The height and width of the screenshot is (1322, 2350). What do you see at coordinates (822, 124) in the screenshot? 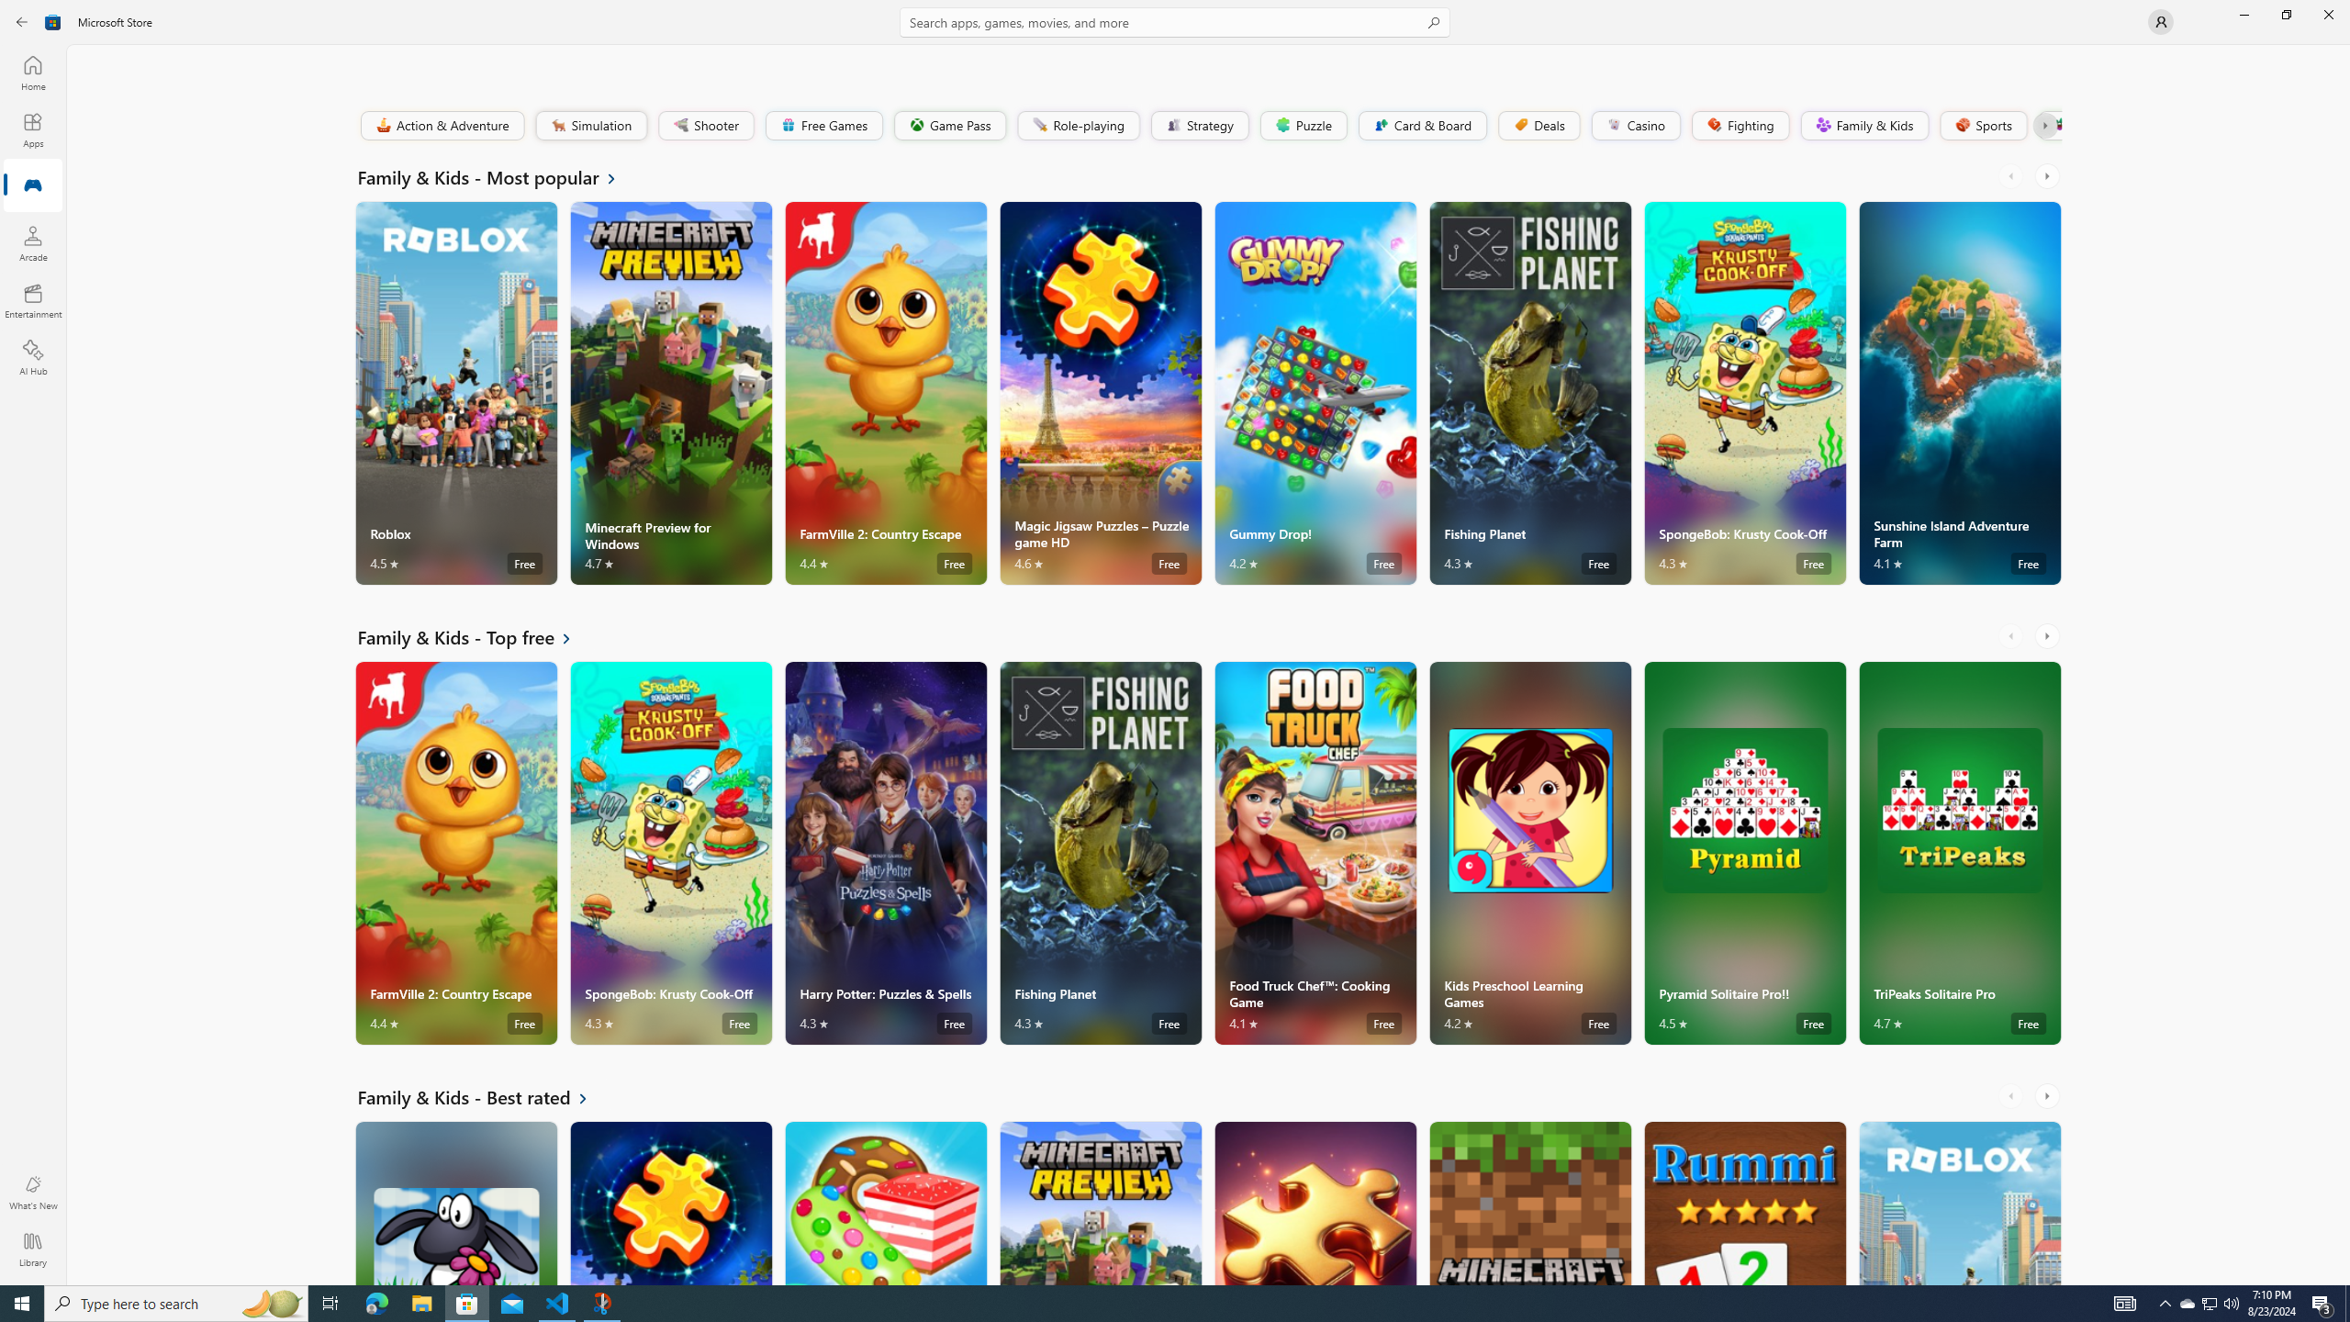
I see `'Free Games'` at bounding box center [822, 124].